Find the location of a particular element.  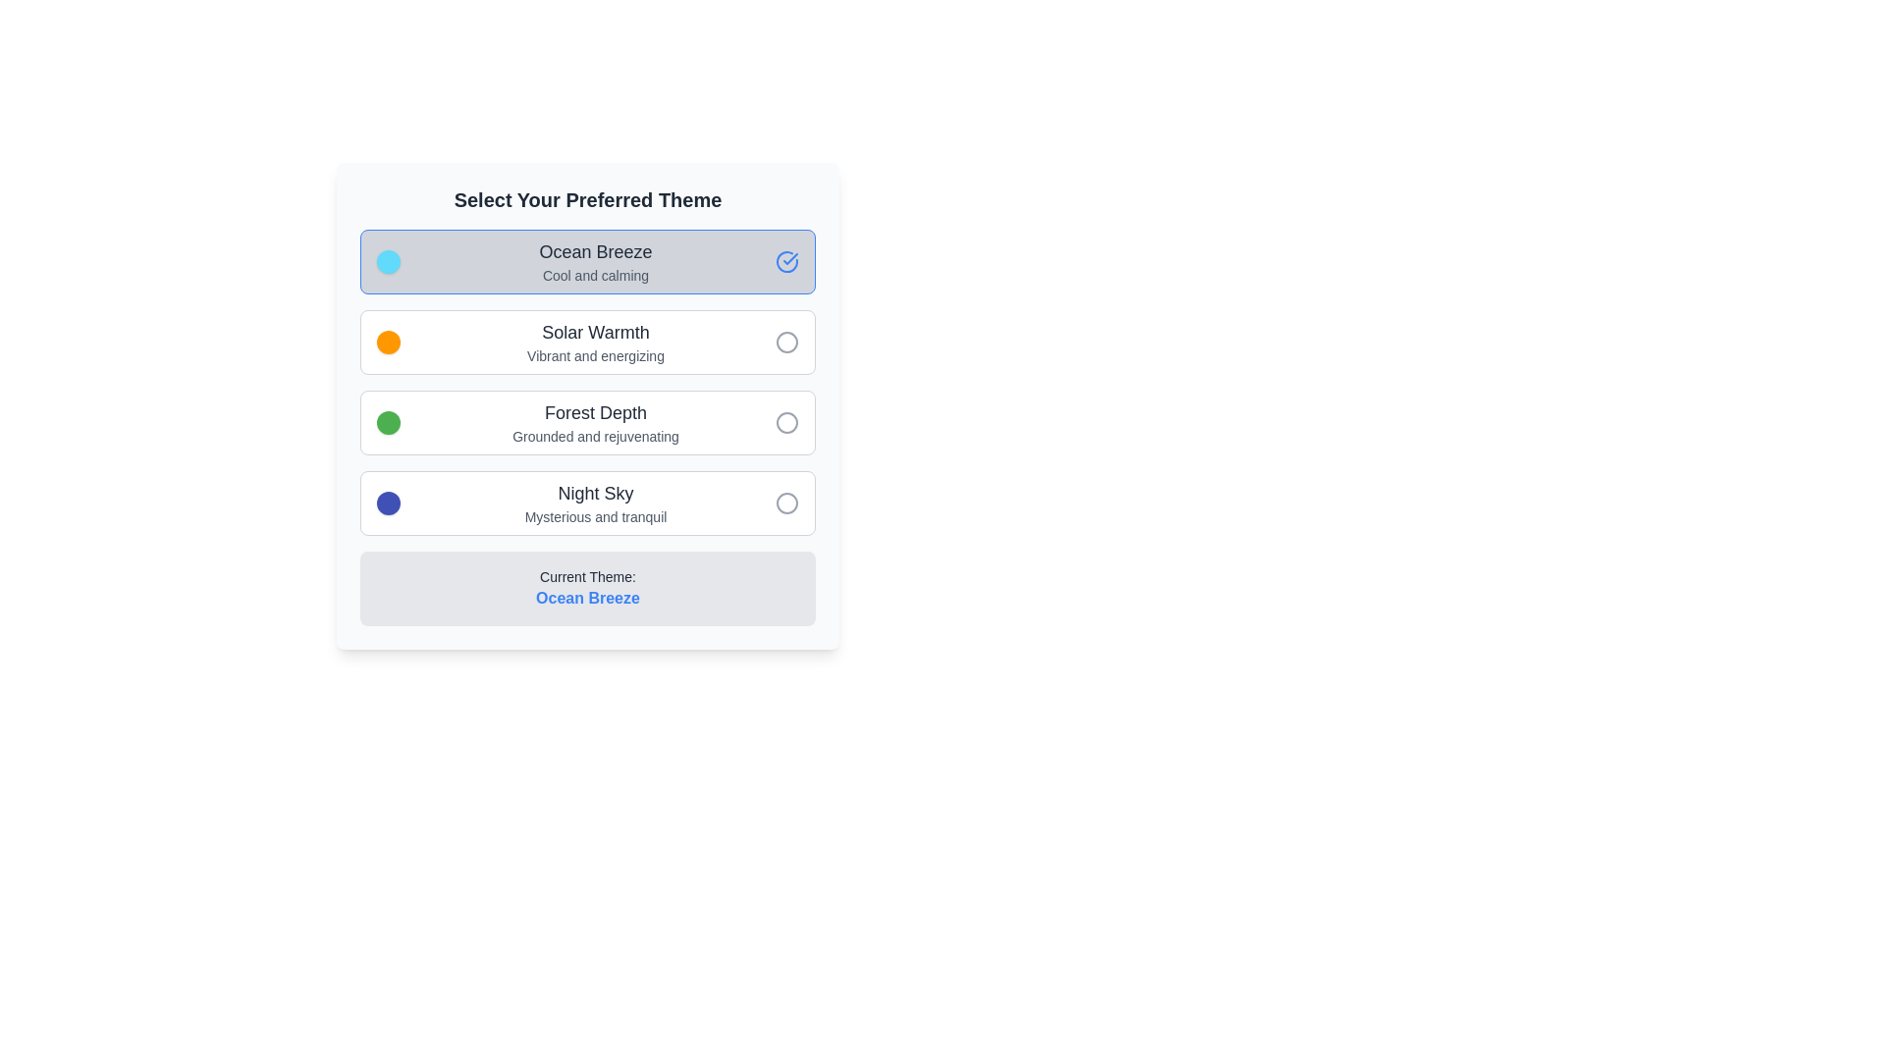

the informational box displaying the current theme, which contains the text 'Current Theme:' and 'Ocean Breeze' in a bold font is located at coordinates (587, 588).